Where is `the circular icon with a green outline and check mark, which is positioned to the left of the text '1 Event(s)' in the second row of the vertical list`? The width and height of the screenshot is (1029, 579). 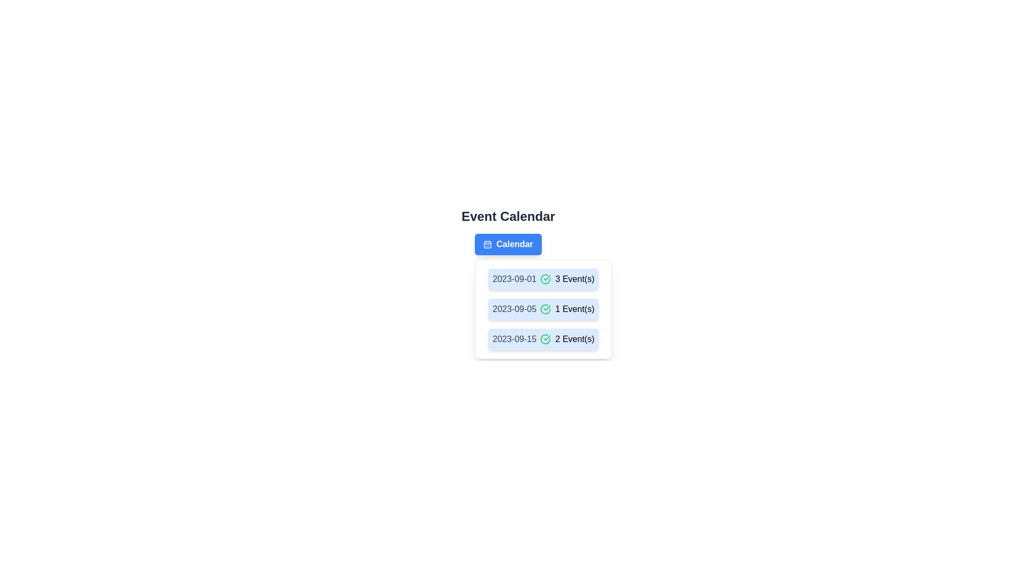 the circular icon with a green outline and check mark, which is positioned to the left of the text '1 Event(s)' in the second row of the vertical list is located at coordinates (546, 309).